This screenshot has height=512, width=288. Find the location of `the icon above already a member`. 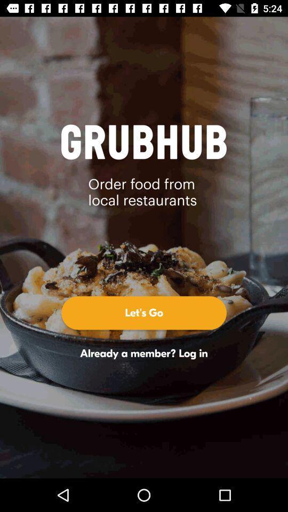

the icon above already a member is located at coordinates (144, 313).